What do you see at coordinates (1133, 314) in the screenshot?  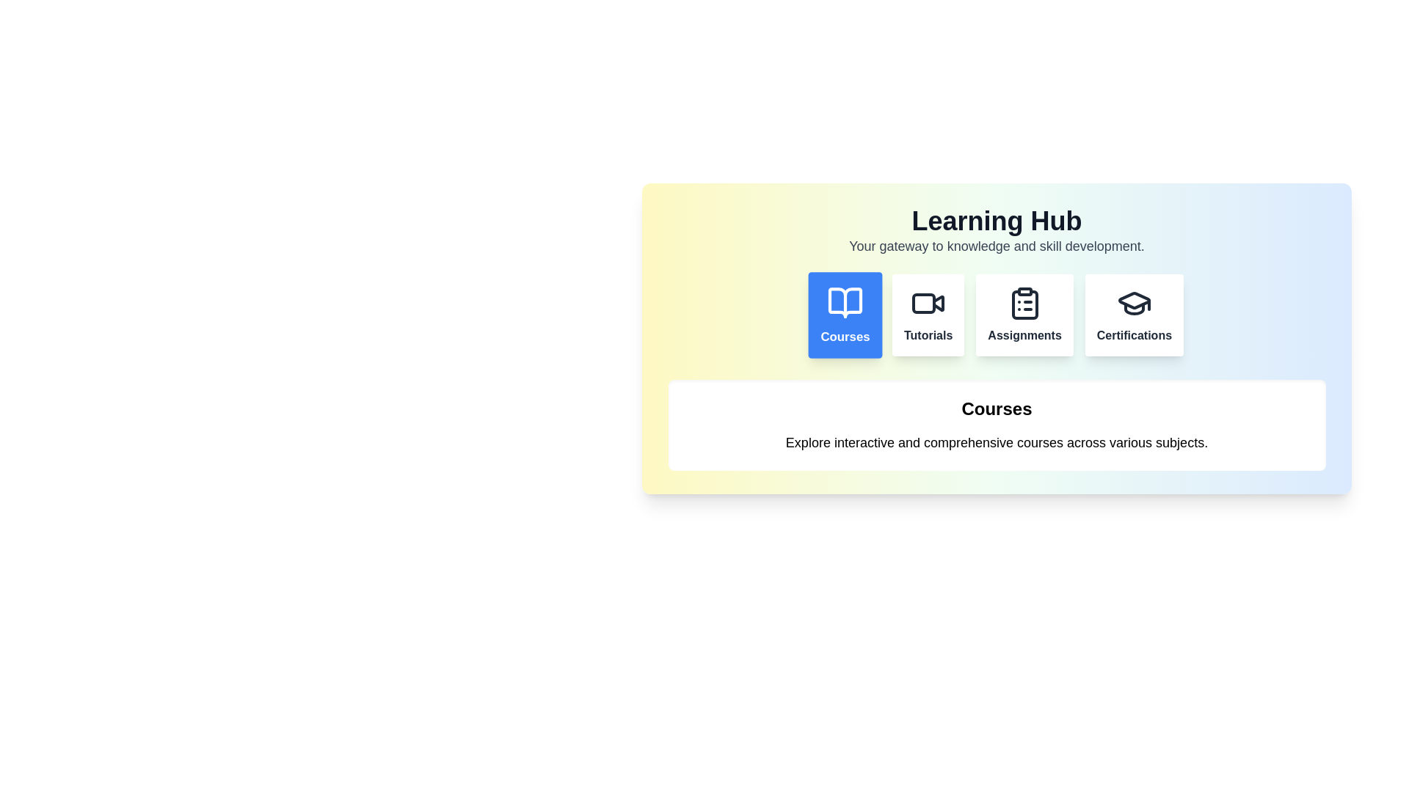 I see `the tab button labeled Certifications to select it` at bounding box center [1133, 314].